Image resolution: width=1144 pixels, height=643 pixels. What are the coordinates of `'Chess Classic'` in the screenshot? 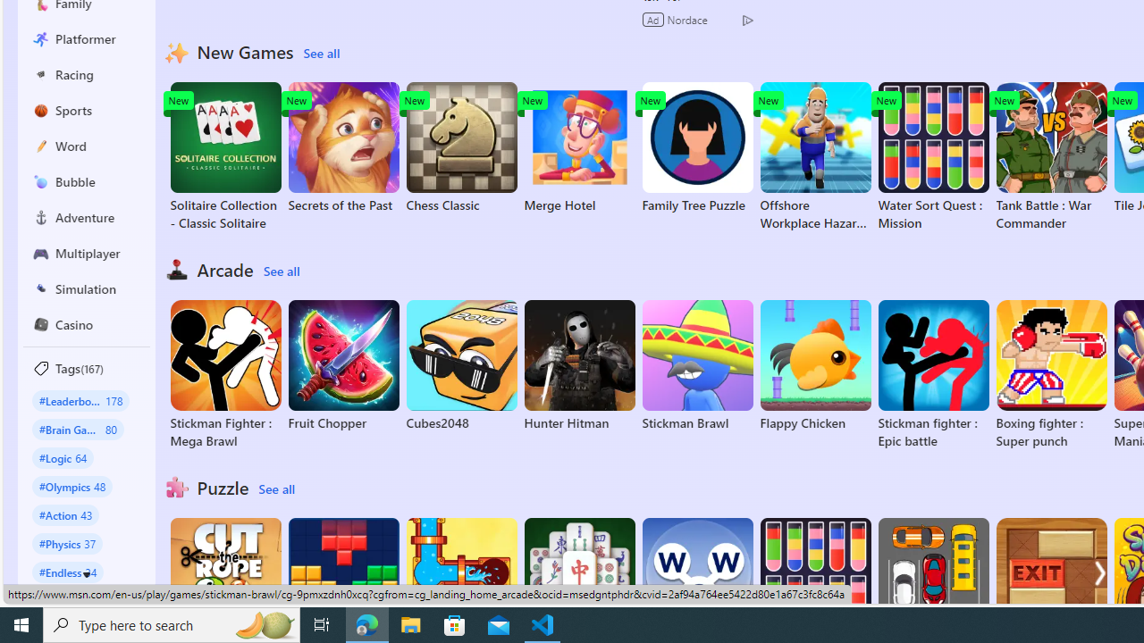 It's located at (461, 146).